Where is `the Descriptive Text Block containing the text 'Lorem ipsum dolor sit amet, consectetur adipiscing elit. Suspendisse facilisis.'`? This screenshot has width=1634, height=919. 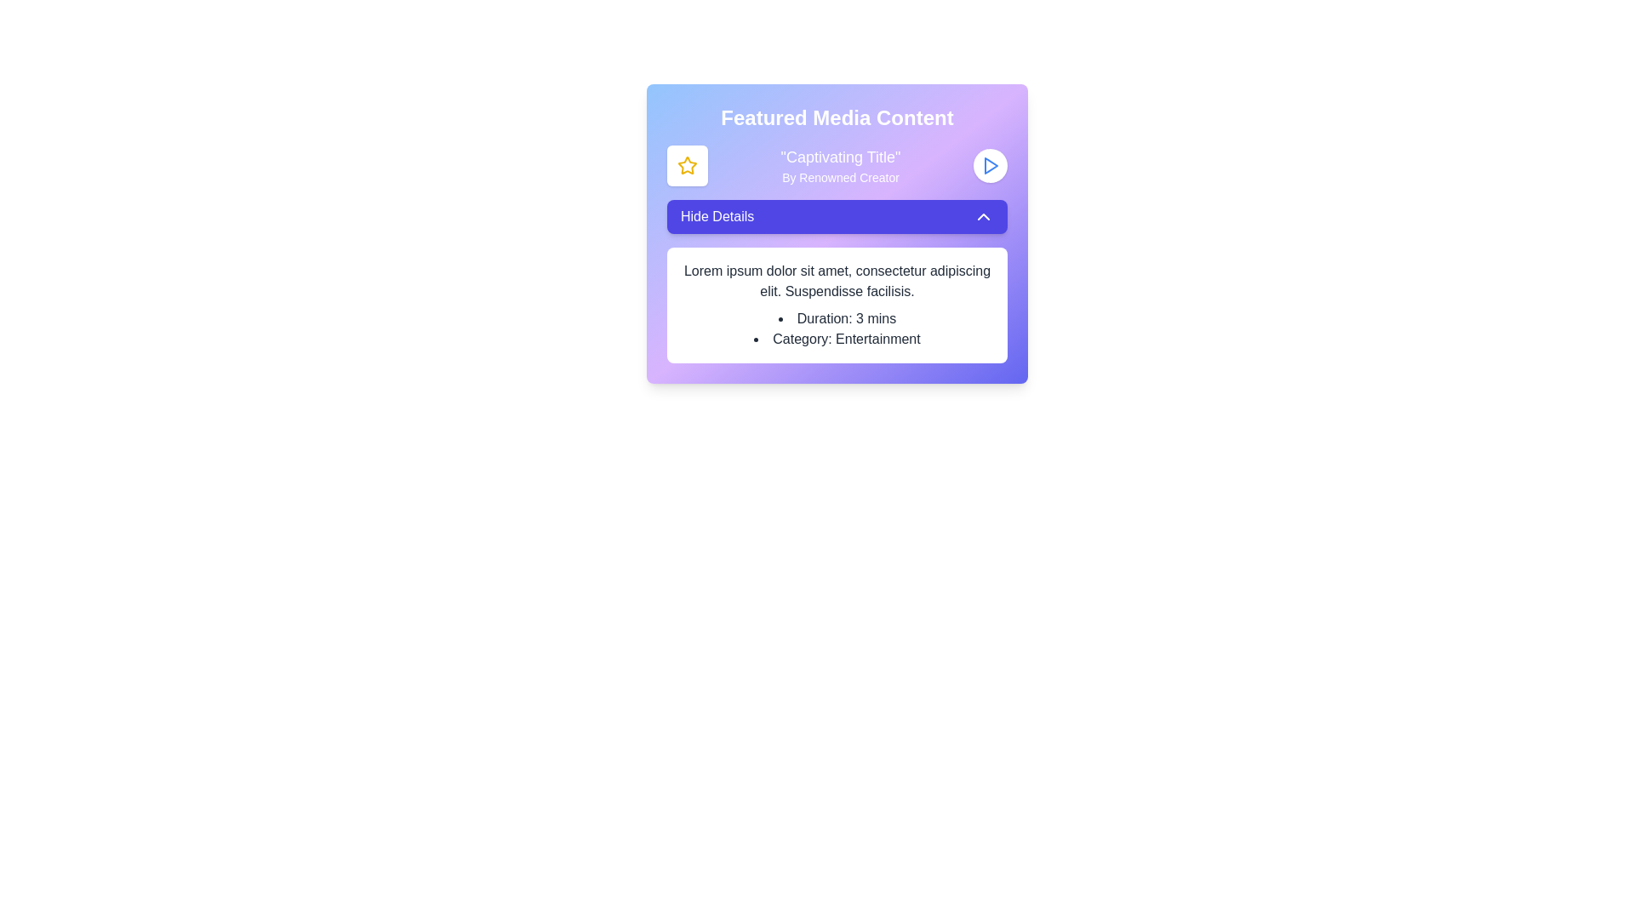 the Descriptive Text Block containing the text 'Lorem ipsum dolor sit amet, consectetur adipiscing elit. Suspendisse facilisis.' is located at coordinates (837, 281).